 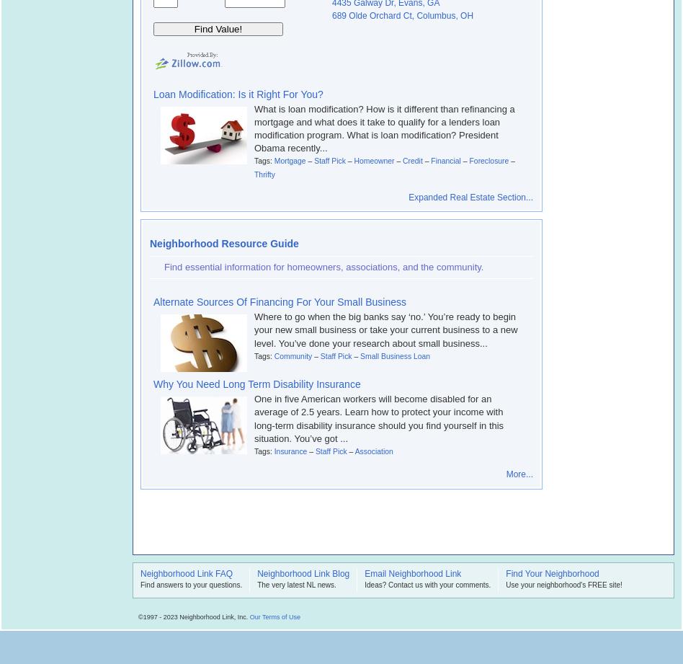 I want to click on 'Association', so click(x=373, y=451).